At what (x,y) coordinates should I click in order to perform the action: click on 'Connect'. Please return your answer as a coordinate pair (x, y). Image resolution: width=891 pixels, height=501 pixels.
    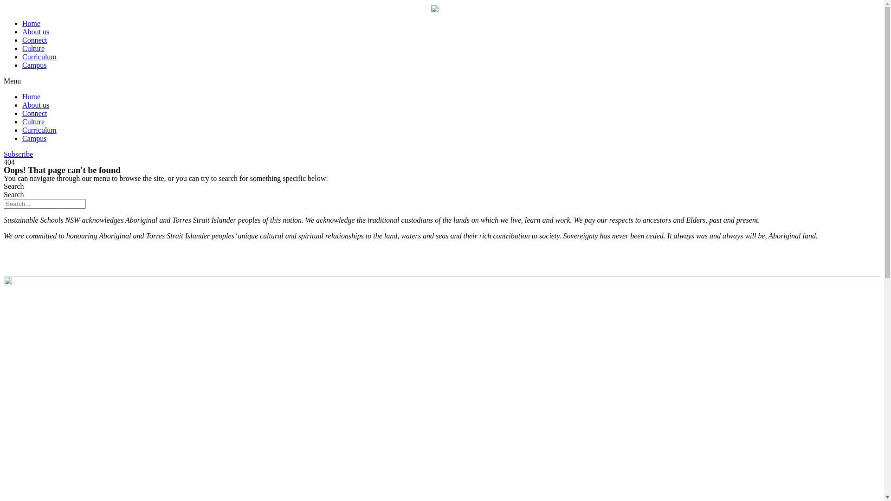
    Looking at the image, I should click on (34, 39).